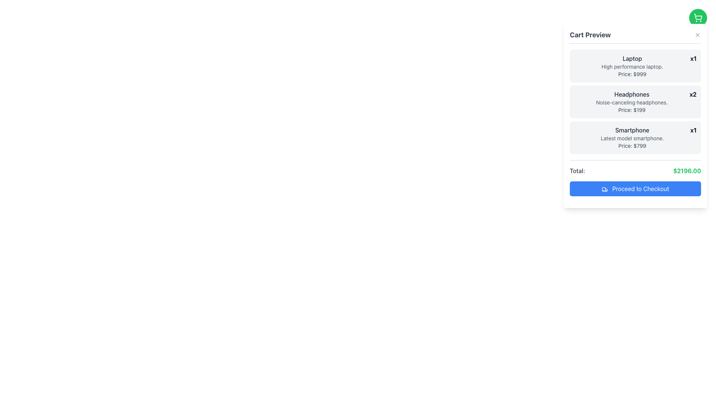 This screenshot has width=716, height=403. I want to click on the total cost label indicating the value of items in the cart, located at the bottom of the cart preview panel and aligned to the left of the total monetary value, so click(577, 171).